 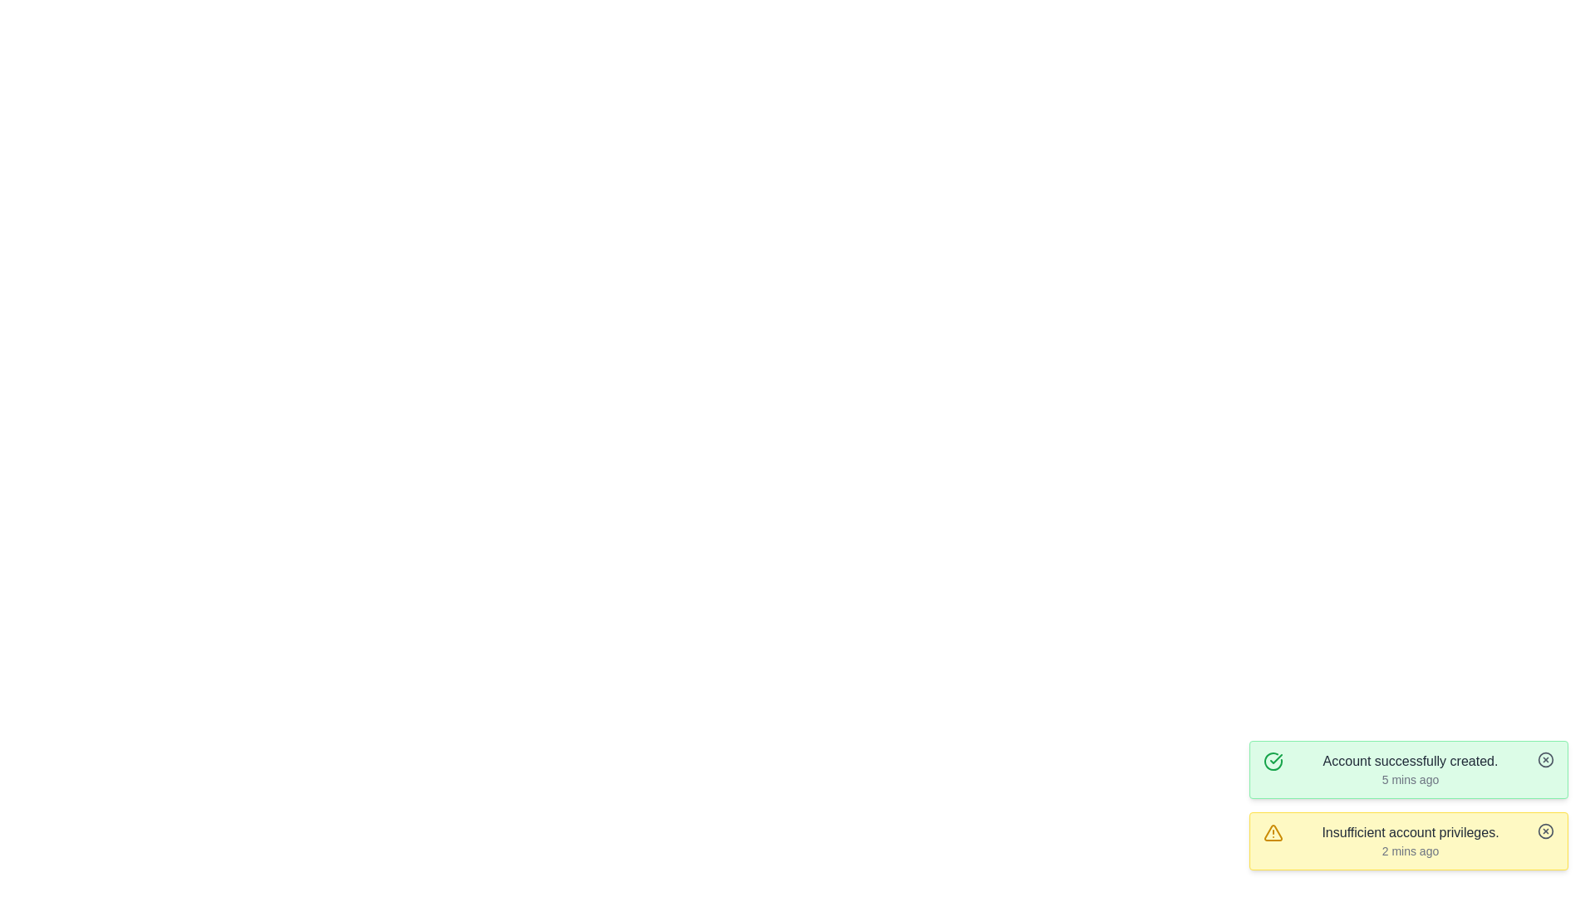 What do you see at coordinates (1410, 832) in the screenshot?
I see `the informational text label indicating an issue with account permissions, located in the lower-right portion of the interface, above the '2 mins ago' text element` at bounding box center [1410, 832].